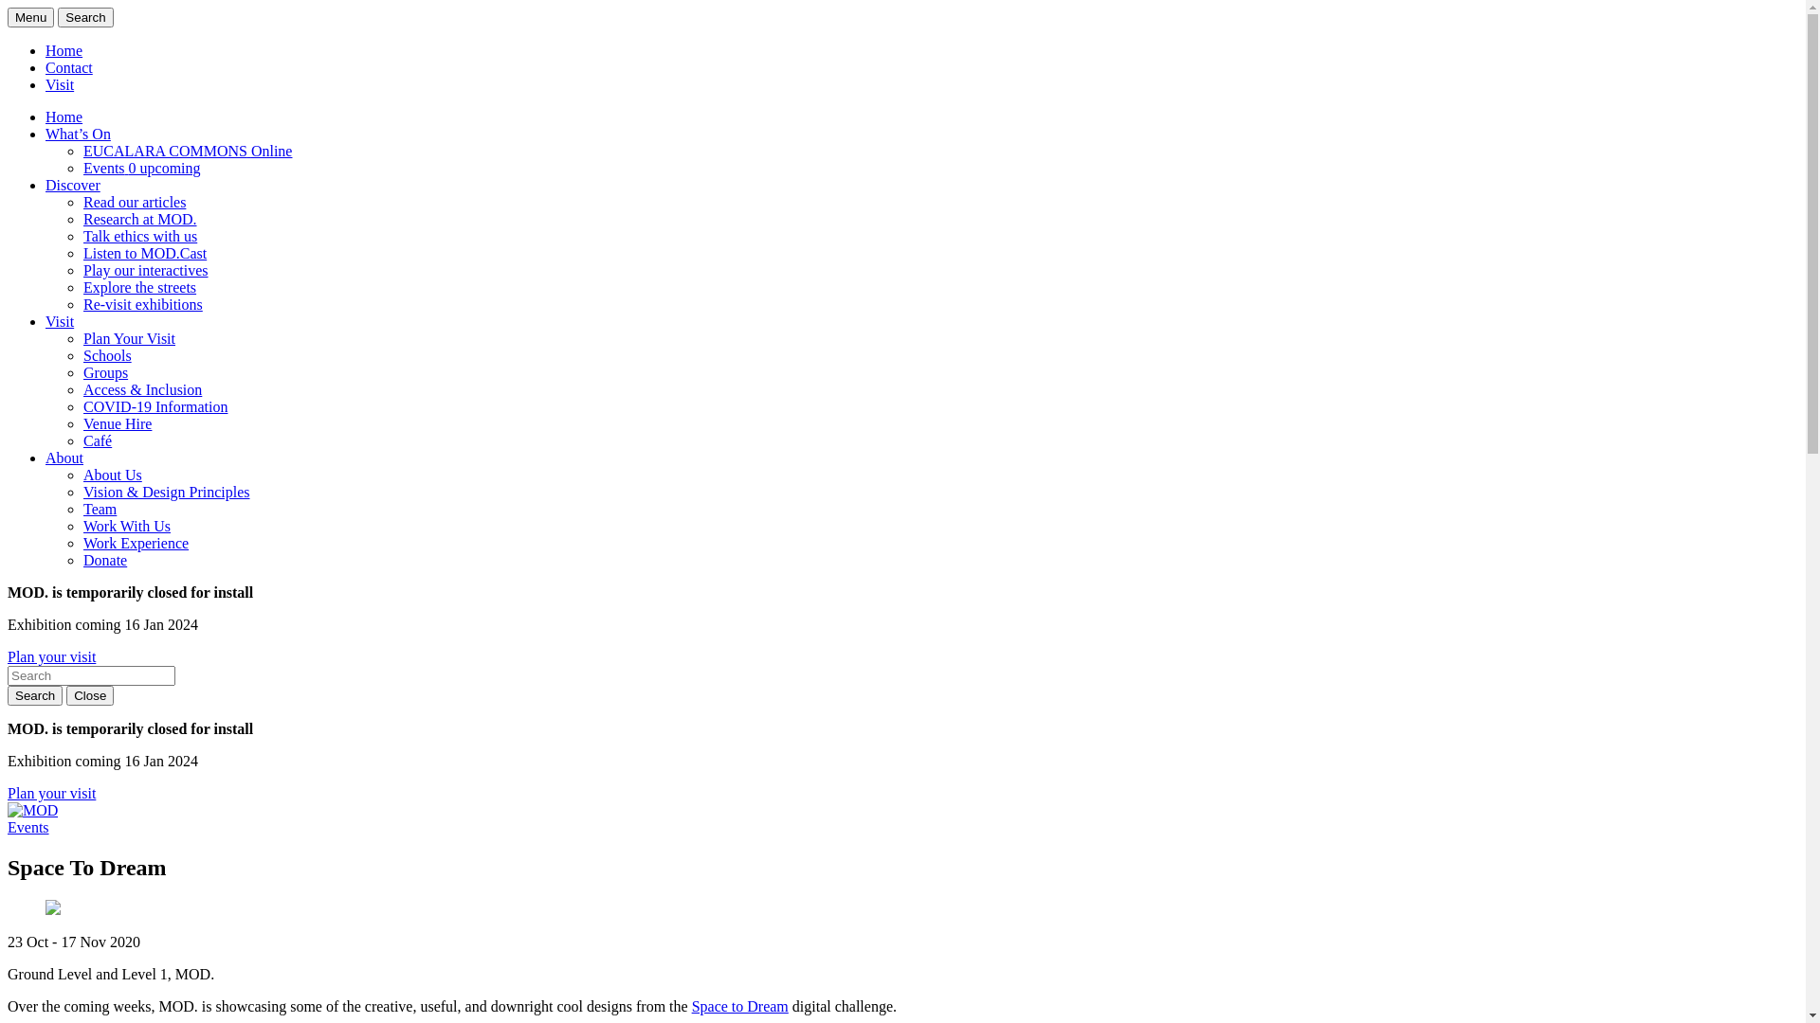  Describe the element at coordinates (64, 117) in the screenshot. I see `'Home'` at that location.